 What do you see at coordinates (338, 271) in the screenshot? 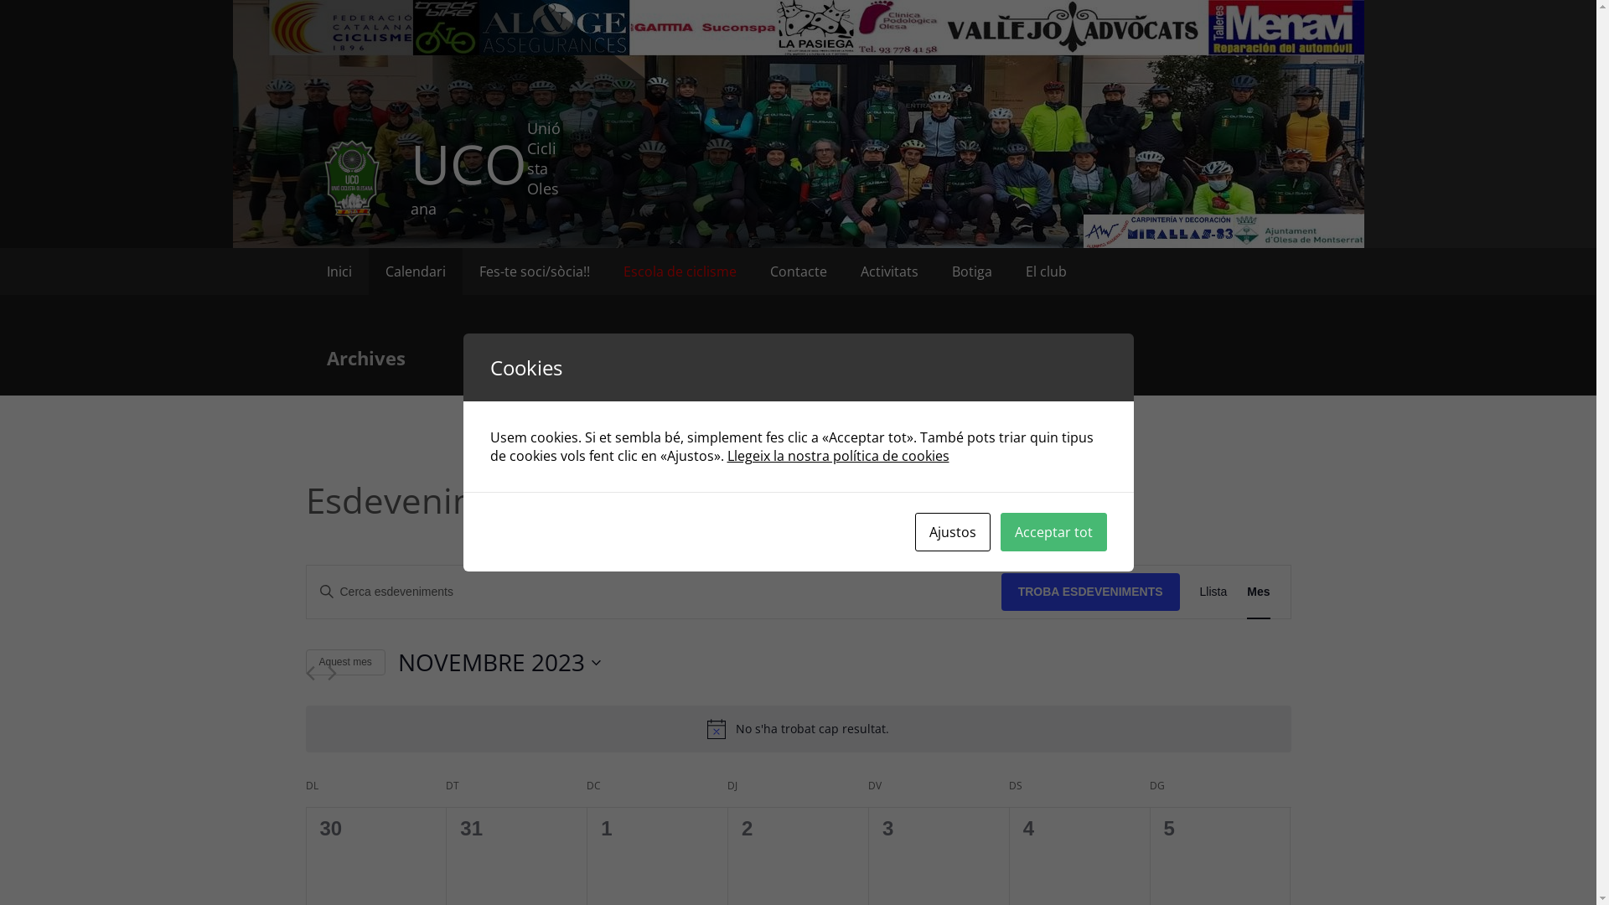
I see `'Inici'` at bounding box center [338, 271].